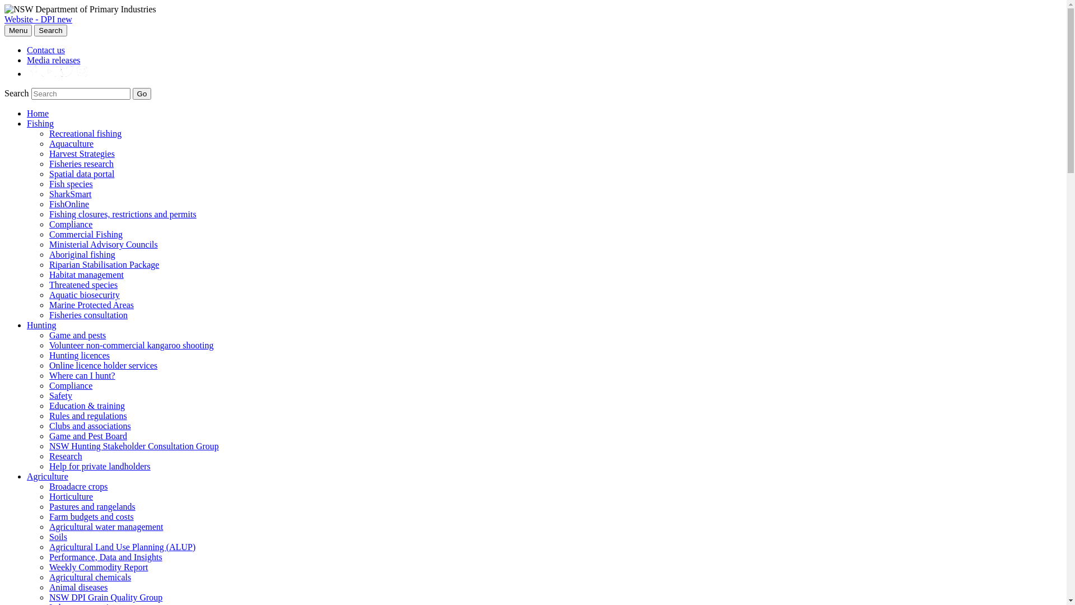  I want to click on 'Threatened species', so click(82, 284).